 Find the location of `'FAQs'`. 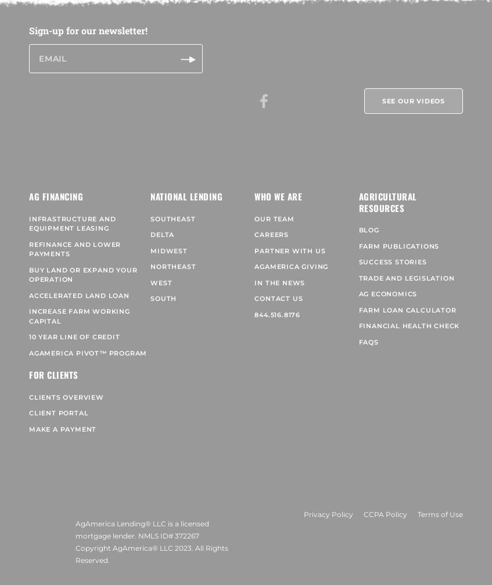

'FAQs' is located at coordinates (367, 334).